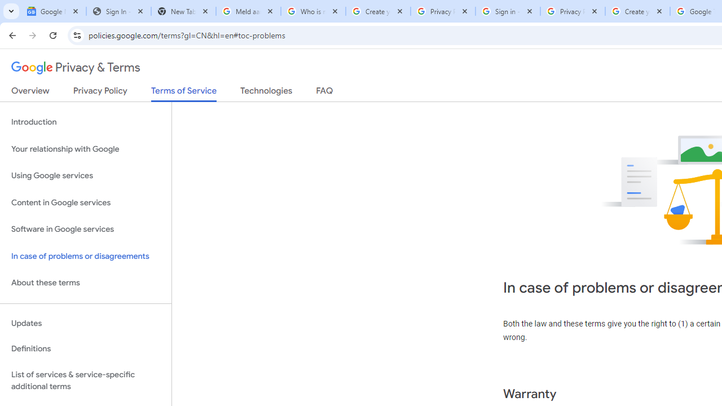  I want to click on 'Privacy & Terms', so click(76, 68).